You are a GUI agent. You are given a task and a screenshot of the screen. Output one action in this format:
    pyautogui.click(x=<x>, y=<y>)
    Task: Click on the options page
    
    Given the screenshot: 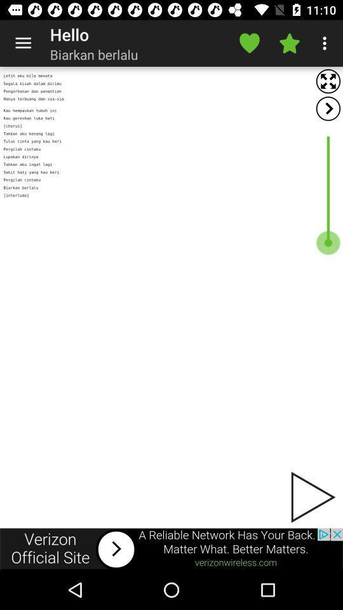 What is the action you would take?
    pyautogui.click(x=328, y=108)
    